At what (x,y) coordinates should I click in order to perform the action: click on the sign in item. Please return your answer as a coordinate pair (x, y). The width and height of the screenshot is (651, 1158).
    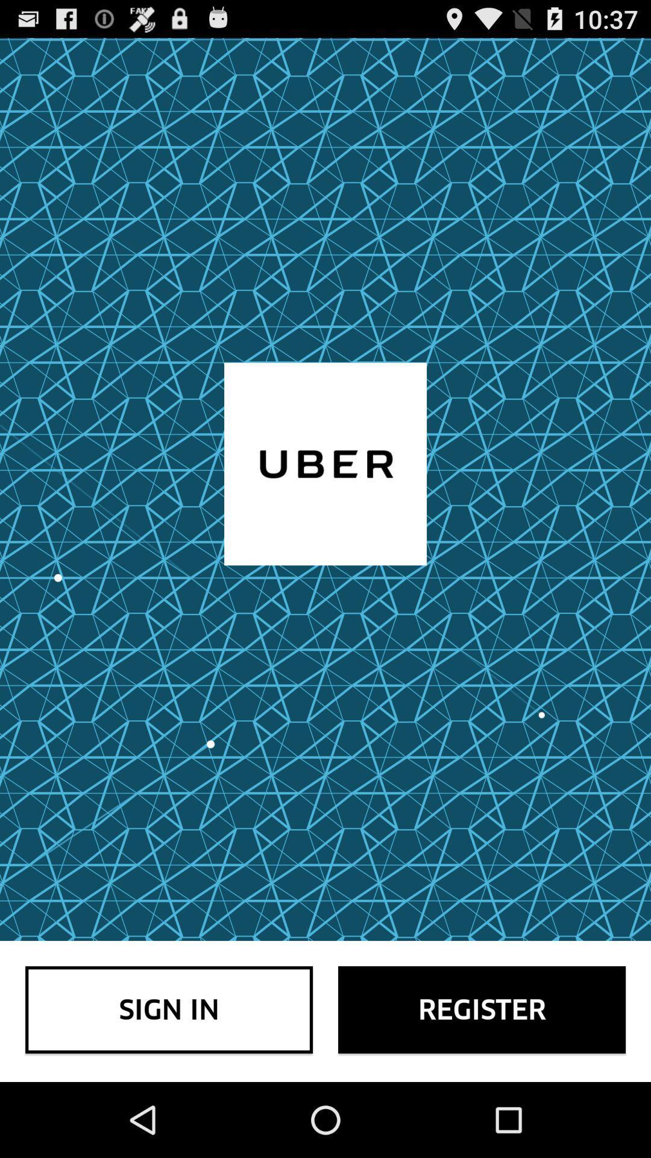
    Looking at the image, I should click on (169, 1010).